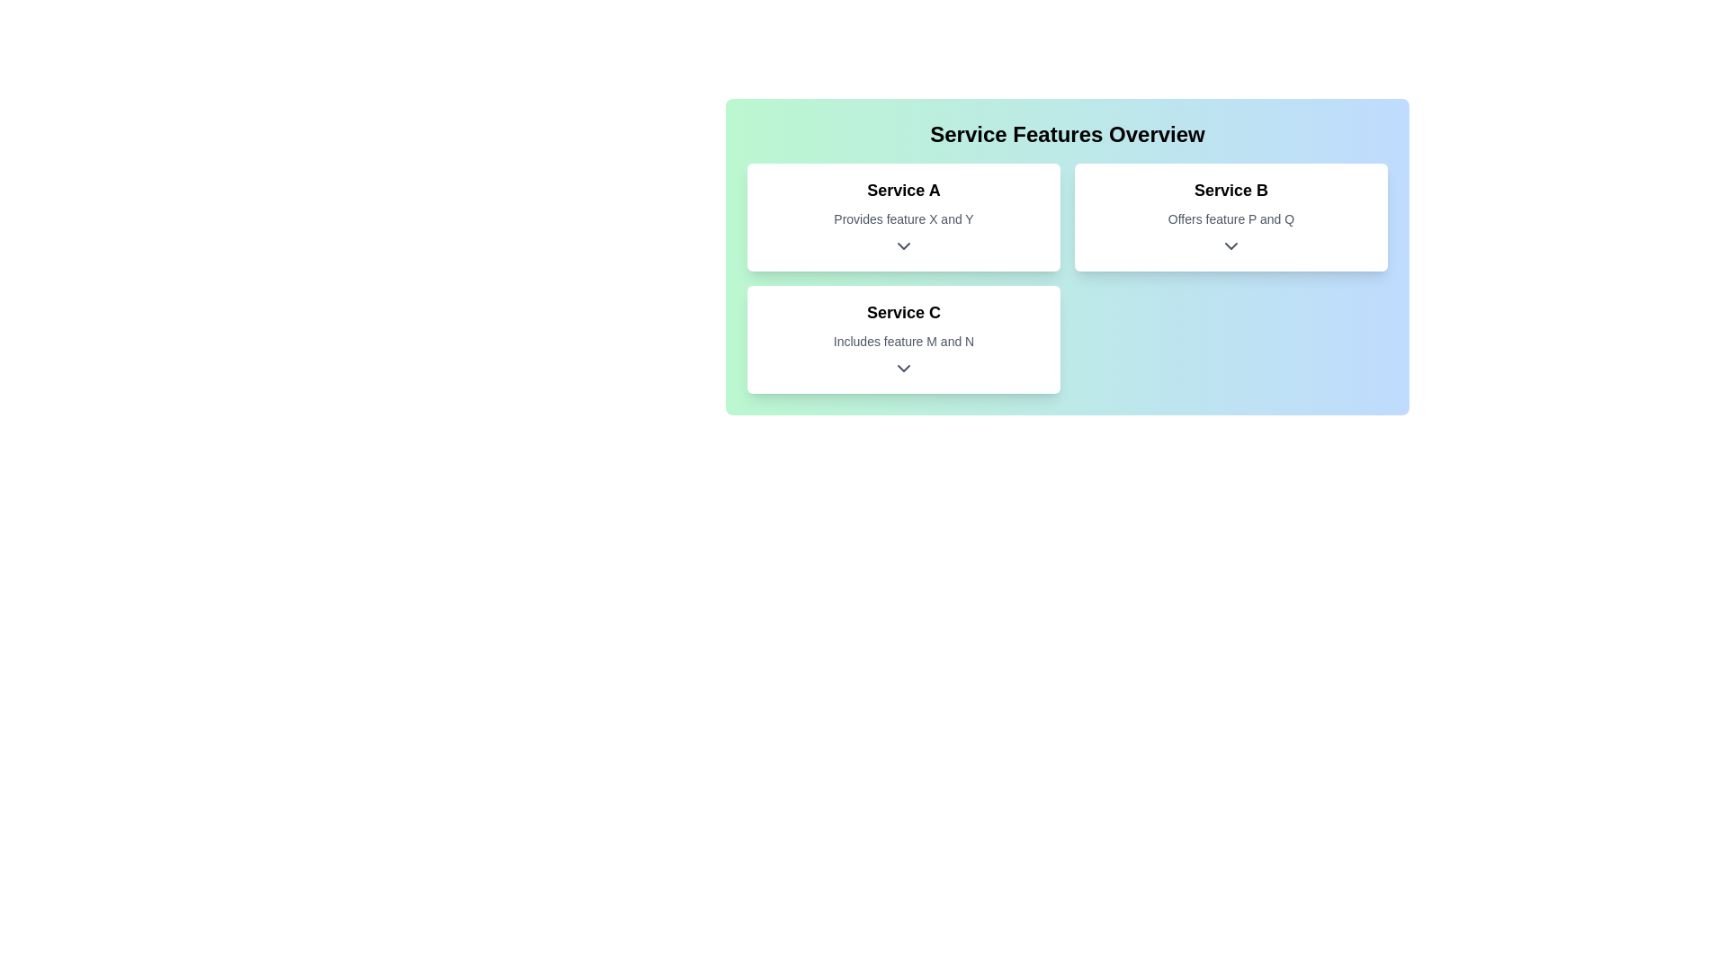 Image resolution: width=1727 pixels, height=971 pixels. Describe the element at coordinates (1230, 218) in the screenshot. I see `the static text label that reads 'Offers feature P and Q', which is located within the 'Service B' card, positioned below the title 'Service B' and above the arrow icon` at that location.